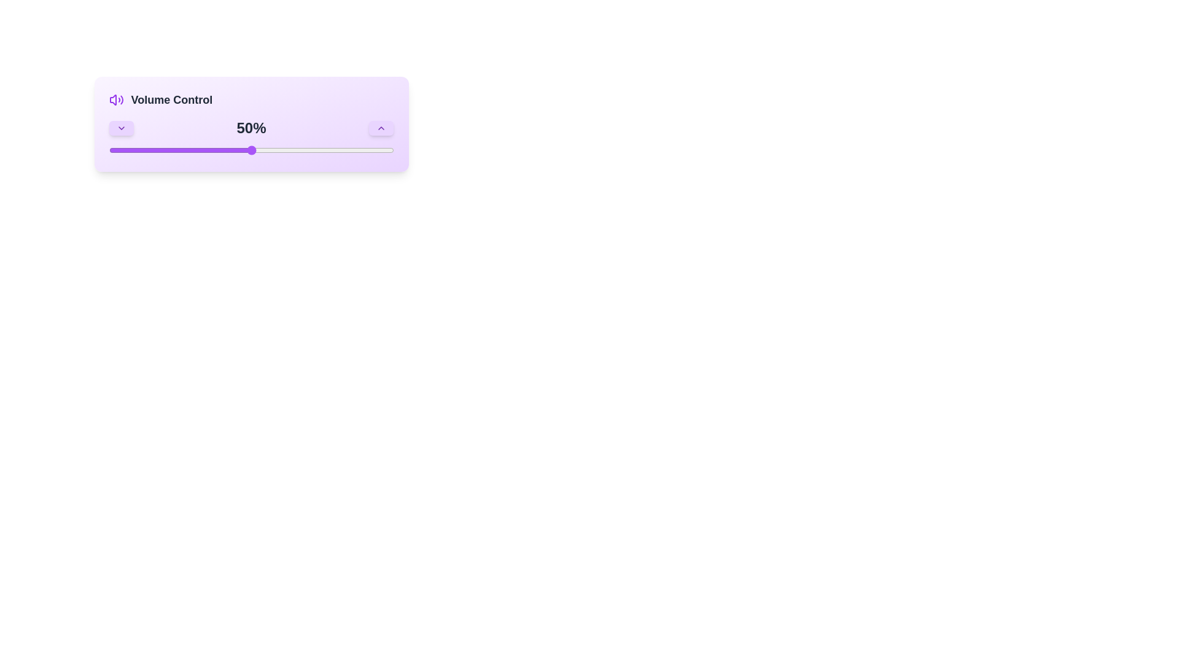 This screenshot has height=663, width=1179. Describe the element at coordinates (251, 138) in the screenshot. I see `the informational text label displaying '50%' which is positioned centrally above the slider component in the 'Volume Control' section` at that location.